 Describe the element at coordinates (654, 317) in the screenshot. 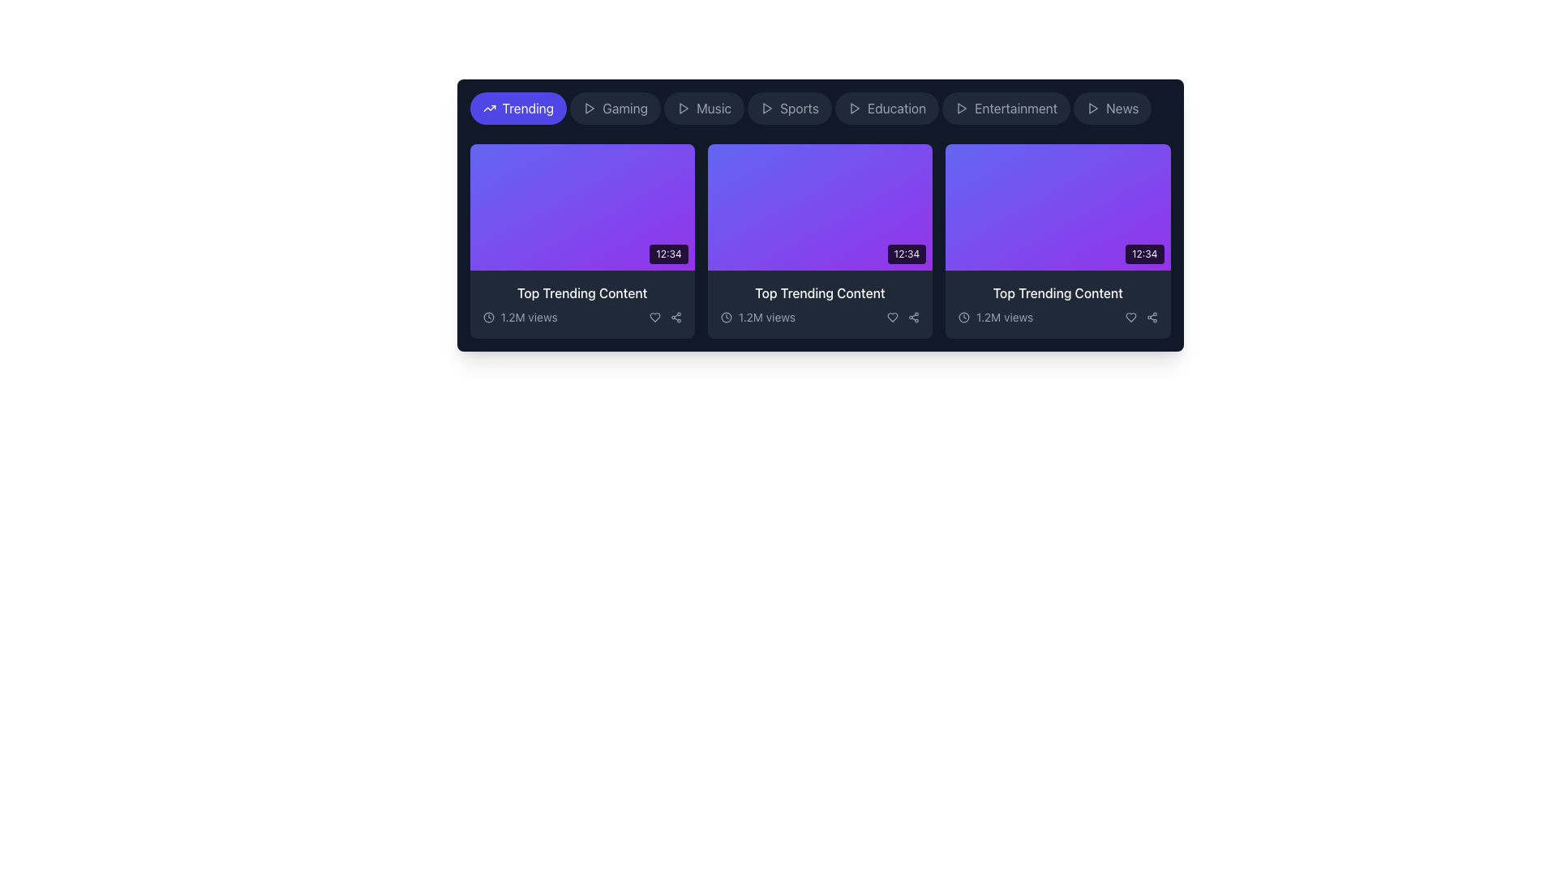

I see `the like/unlike icon located underneath the first content card in the row of trending content` at that location.